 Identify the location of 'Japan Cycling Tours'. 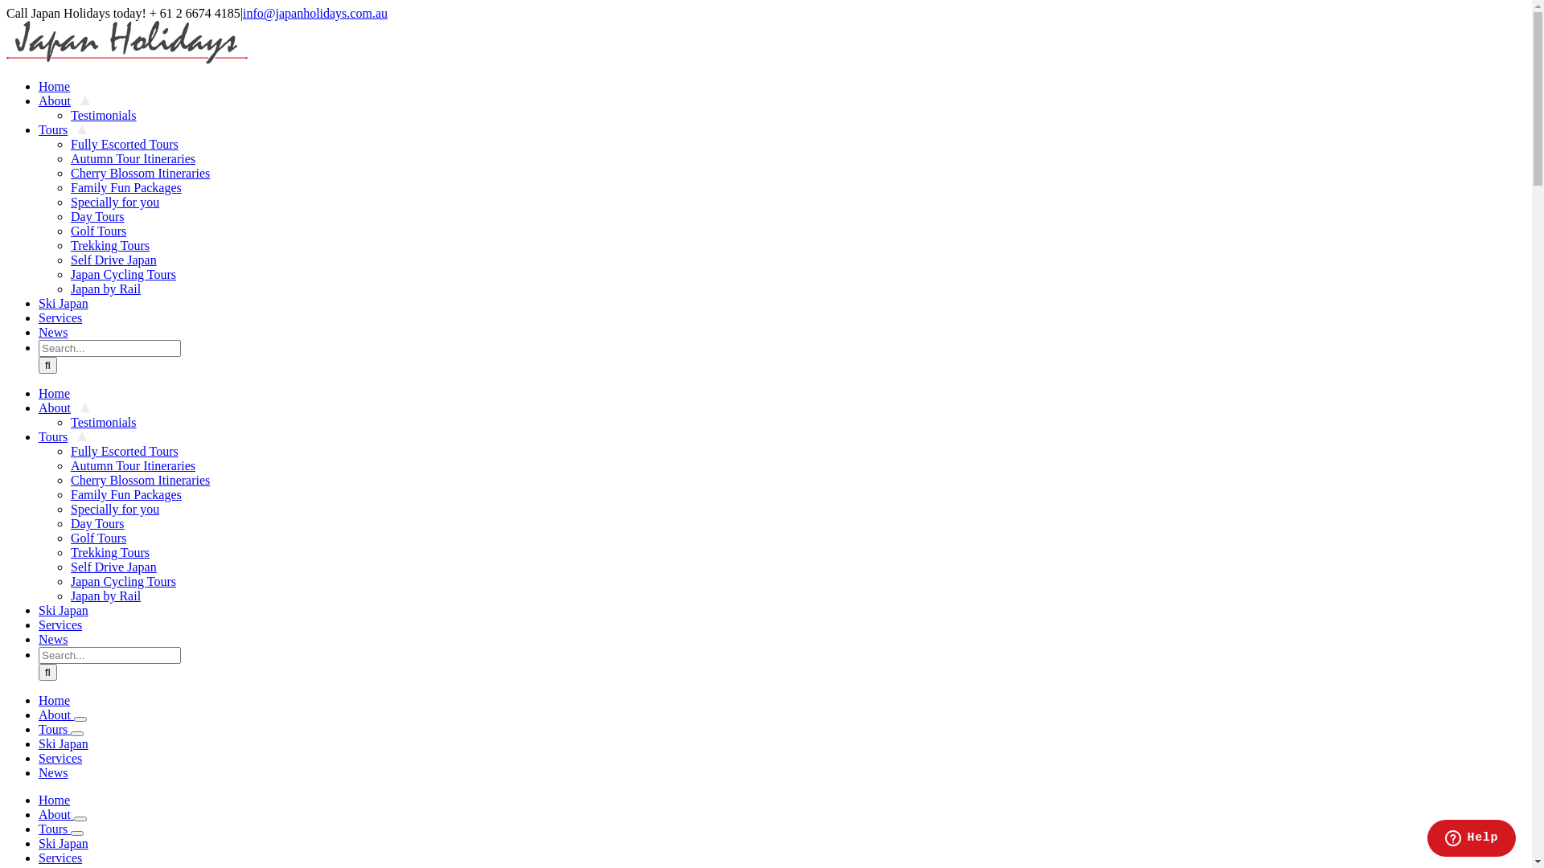
(69, 581).